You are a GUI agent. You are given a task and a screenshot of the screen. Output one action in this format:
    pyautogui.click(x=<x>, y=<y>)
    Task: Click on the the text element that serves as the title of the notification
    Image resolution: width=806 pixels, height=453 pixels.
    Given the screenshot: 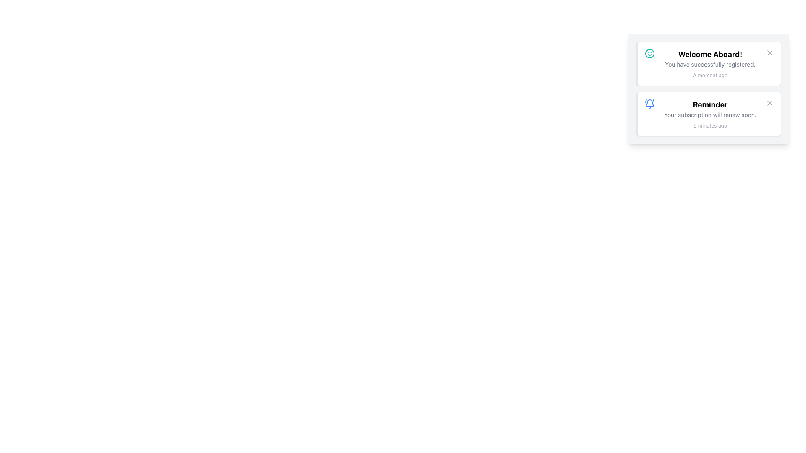 What is the action you would take?
    pyautogui.click(x=709, y=104)
    